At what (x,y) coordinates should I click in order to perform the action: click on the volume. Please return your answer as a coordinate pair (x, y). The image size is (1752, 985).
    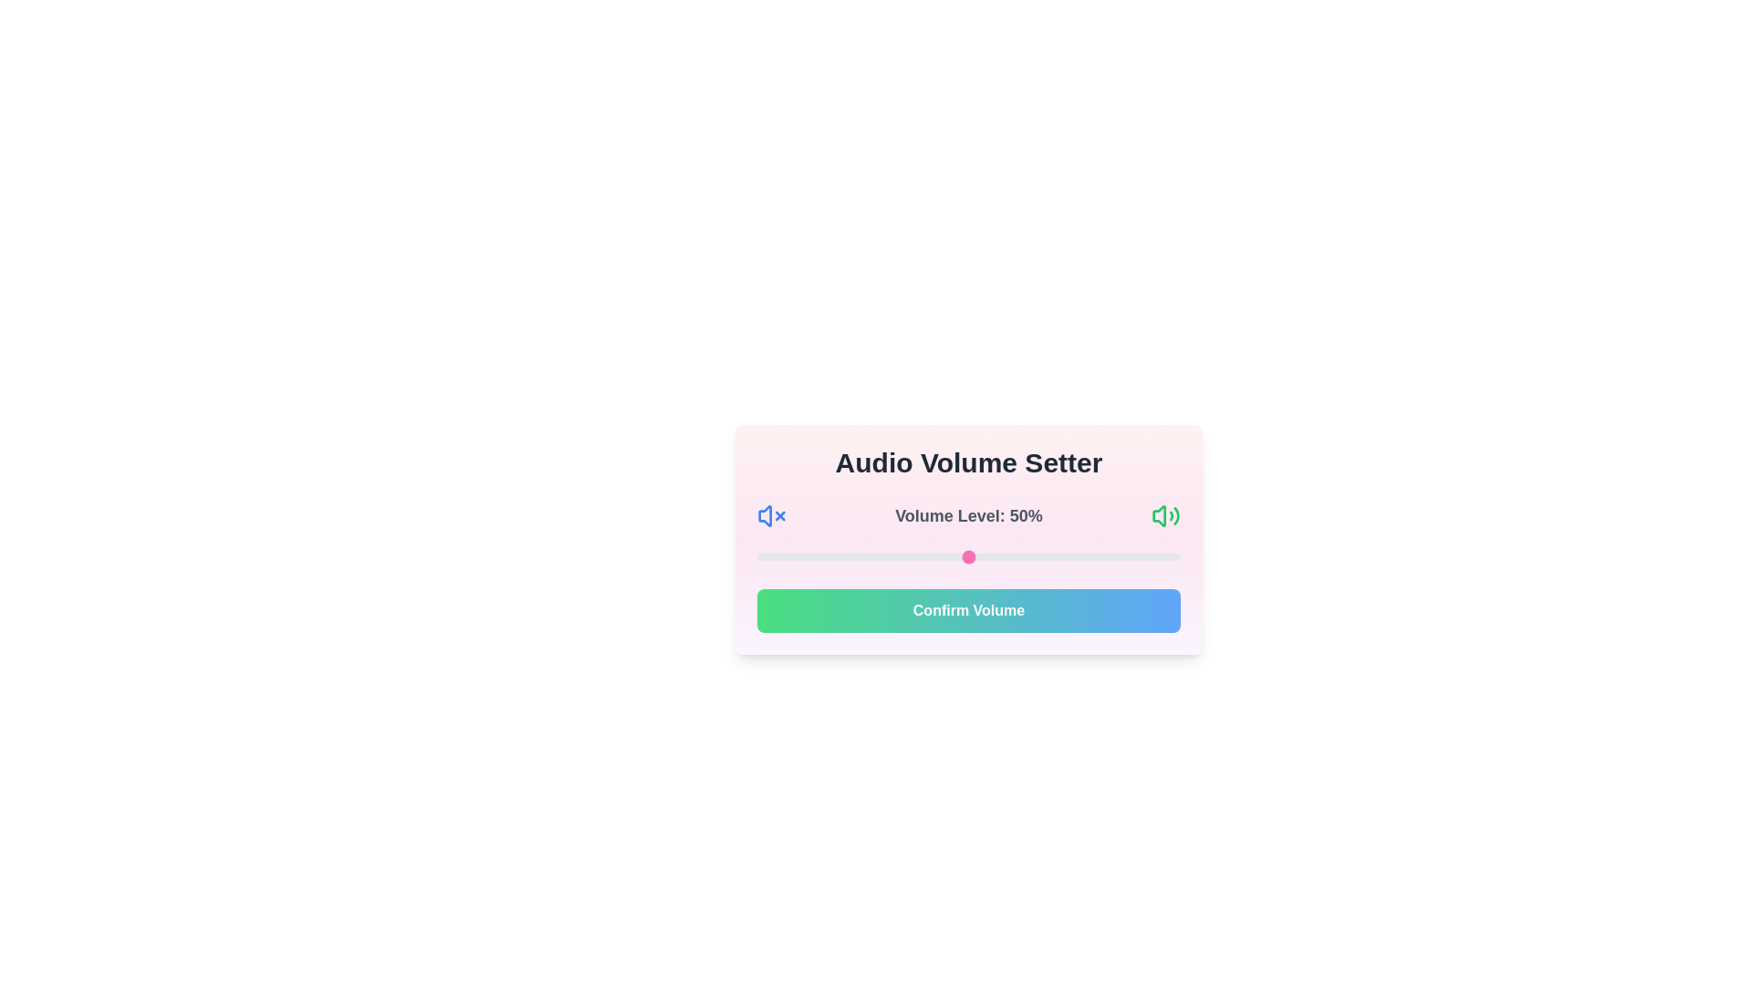
    Looking at the image, I should click on (1079, 555).